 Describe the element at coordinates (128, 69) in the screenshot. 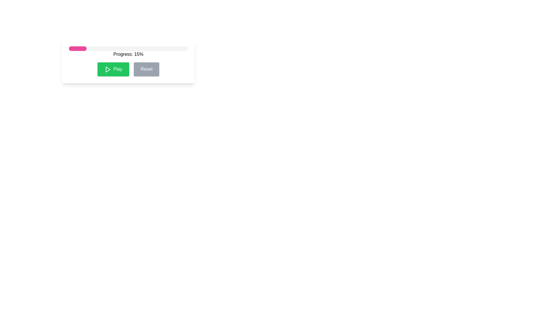

I see `the green 'Play' button with rounded corners to visualize its hover state` at that location.